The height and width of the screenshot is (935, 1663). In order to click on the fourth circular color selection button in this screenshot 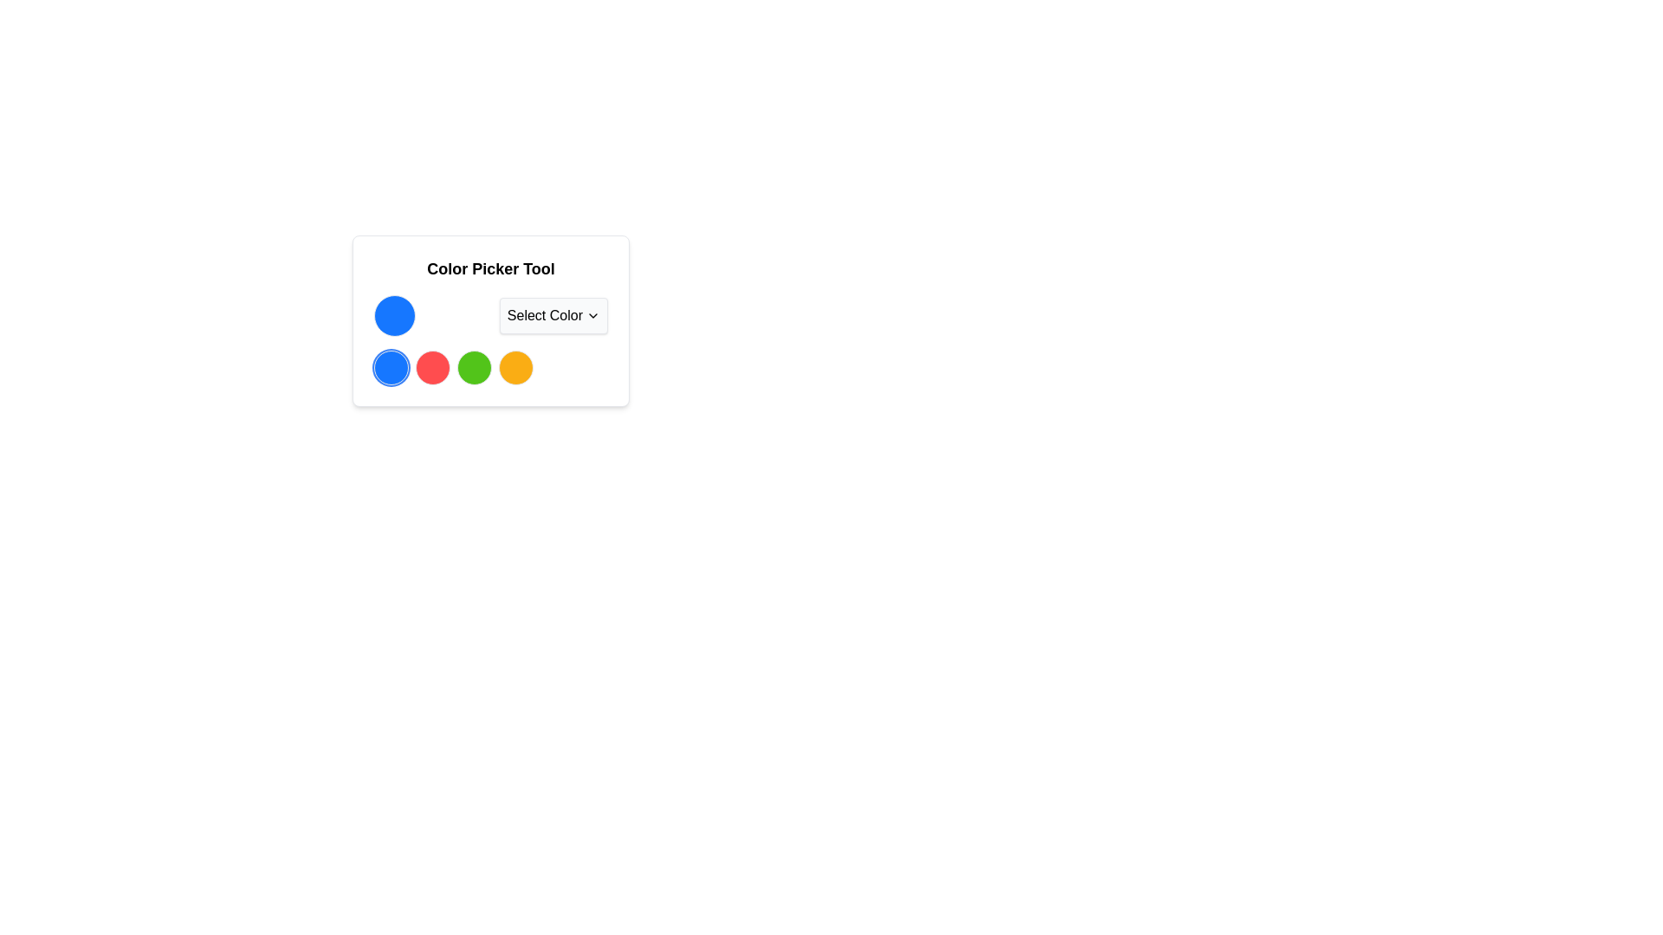, I will do `click(514, 366)`.